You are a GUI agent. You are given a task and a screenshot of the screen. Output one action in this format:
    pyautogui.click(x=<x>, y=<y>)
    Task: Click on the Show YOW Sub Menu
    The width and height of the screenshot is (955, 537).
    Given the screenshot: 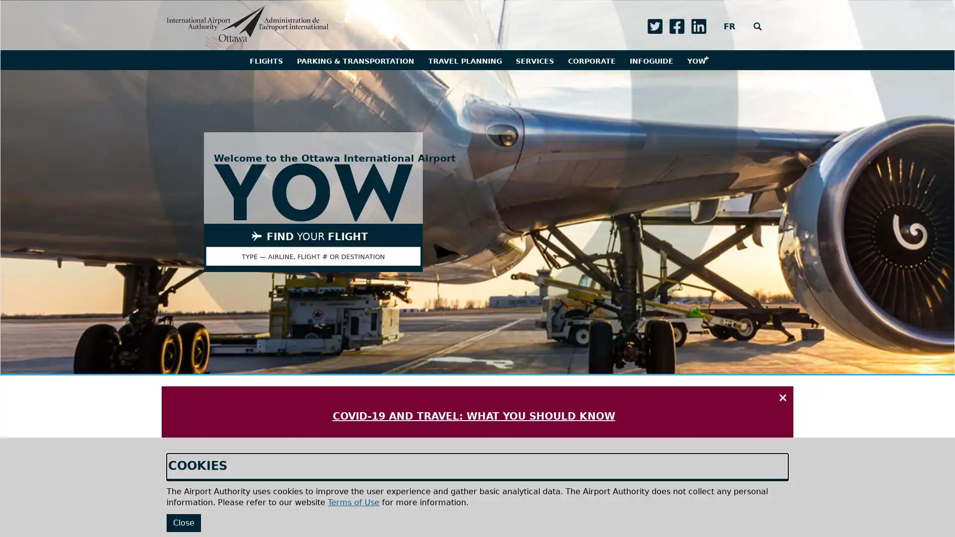 What is the action you would take?
    pyautogui.click(x=695, y=60)
    